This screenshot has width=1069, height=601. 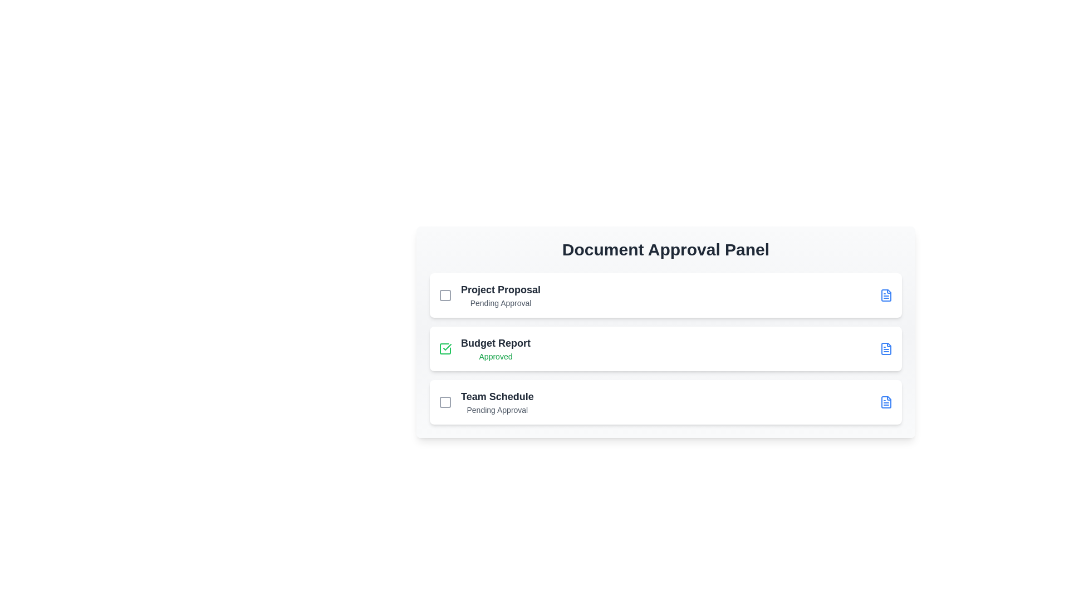 What do you see at coordinates (886, 348) in the screenshot?
I see `the document icon for Budget Report` at bounding box center [886, 348].